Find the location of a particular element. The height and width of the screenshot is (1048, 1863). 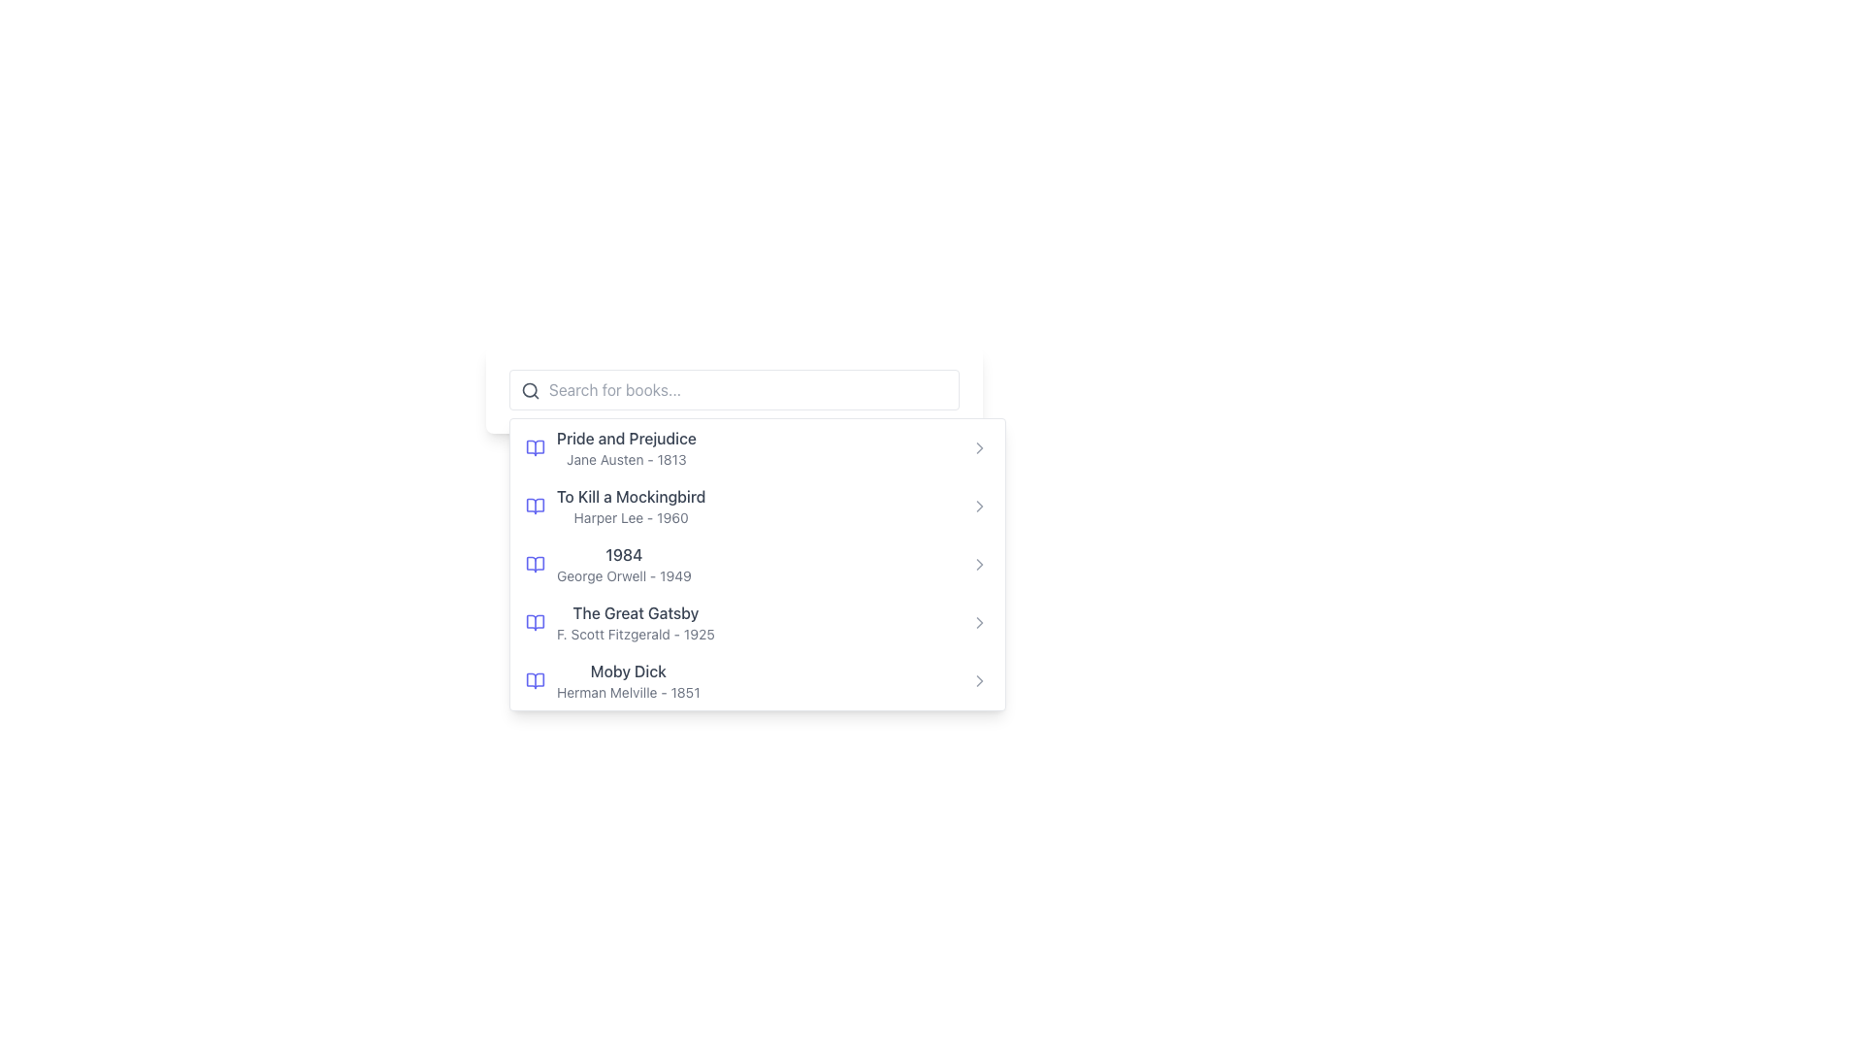

the List Item displaying 'To Kill a Mockingbird' by Harper Lee is located at coordinates (757, 505).